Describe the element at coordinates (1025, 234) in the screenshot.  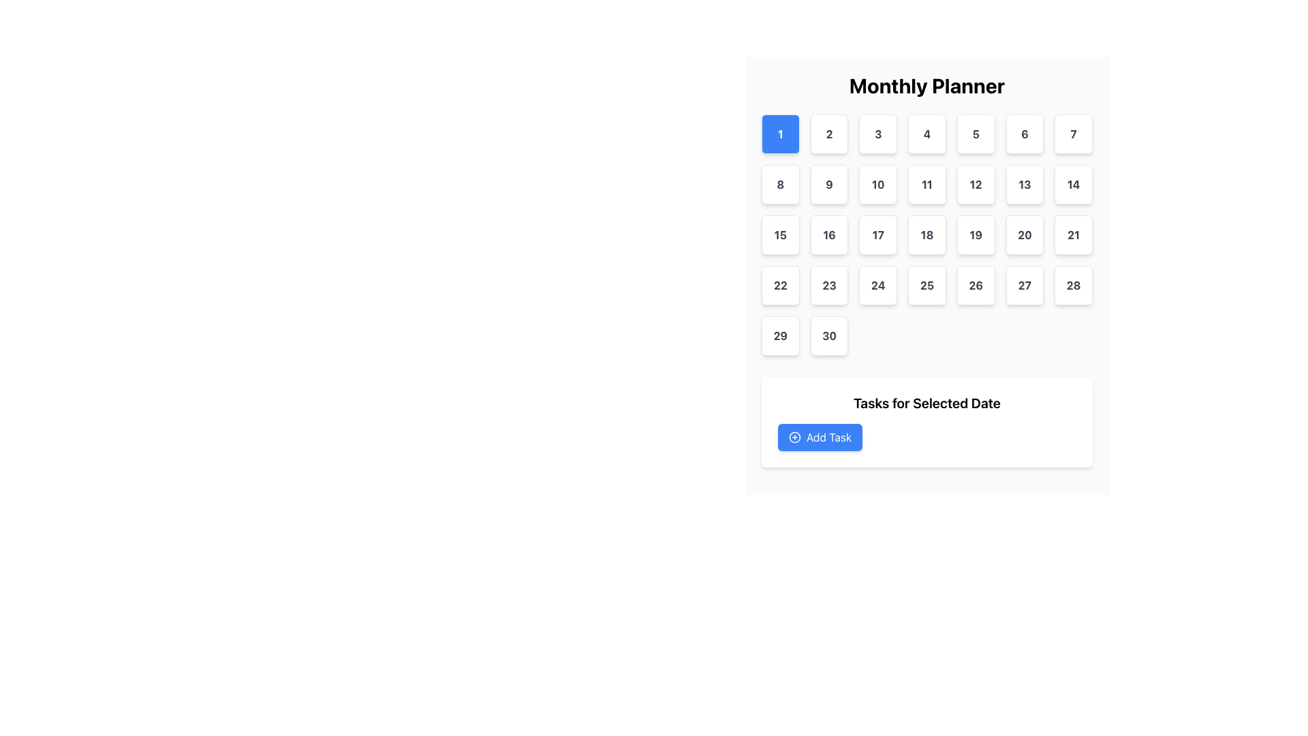
I see `the calendar grid cell representing the 20th day of the month` at that location.